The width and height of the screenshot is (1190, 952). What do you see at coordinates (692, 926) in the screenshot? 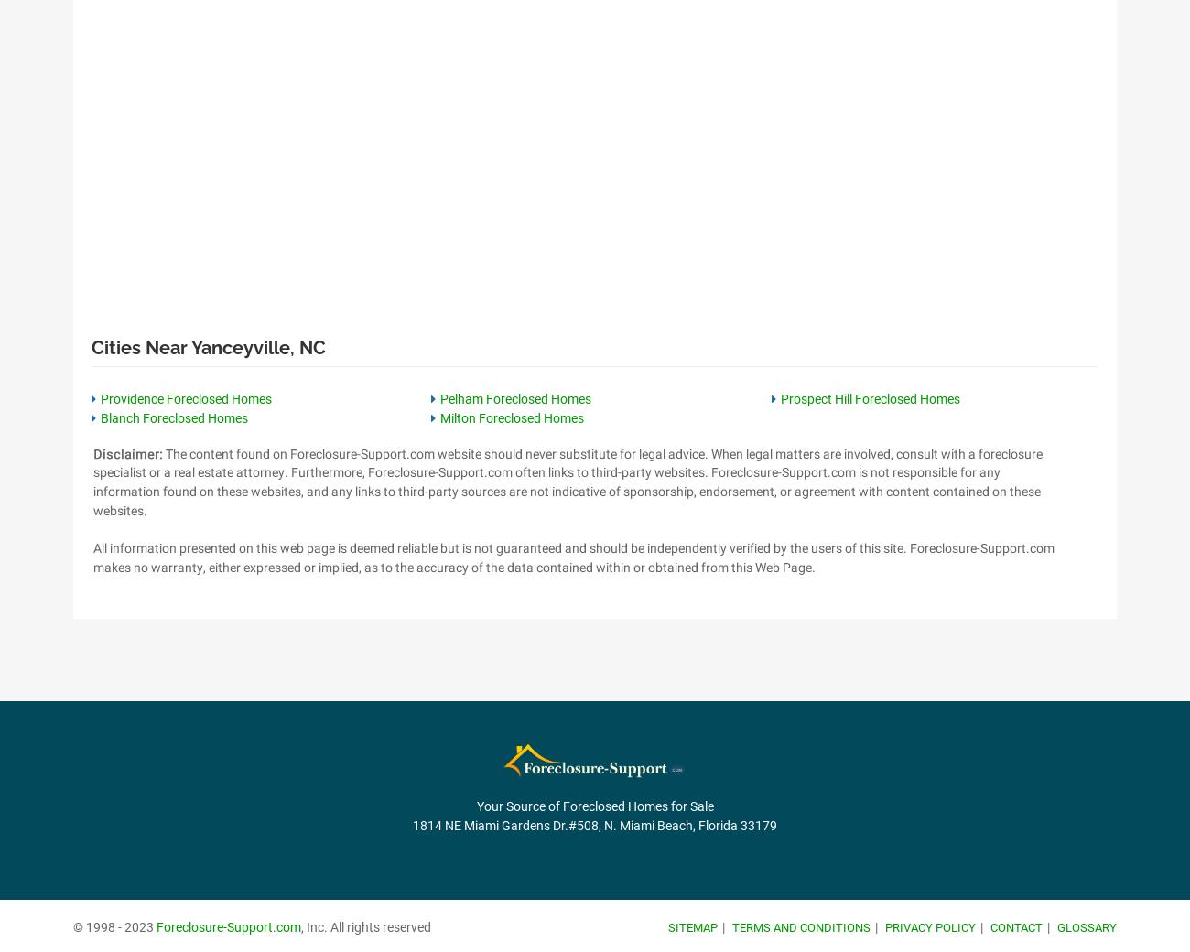
I see `'Sitemap'` at bounding box center [692, 926].